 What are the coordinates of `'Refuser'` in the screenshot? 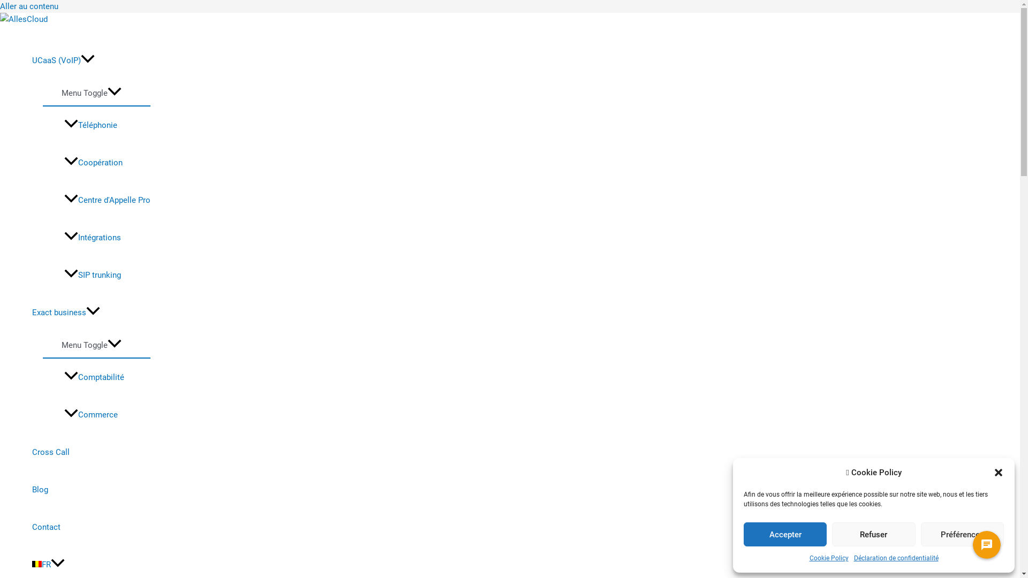 It's located at (873, 534).